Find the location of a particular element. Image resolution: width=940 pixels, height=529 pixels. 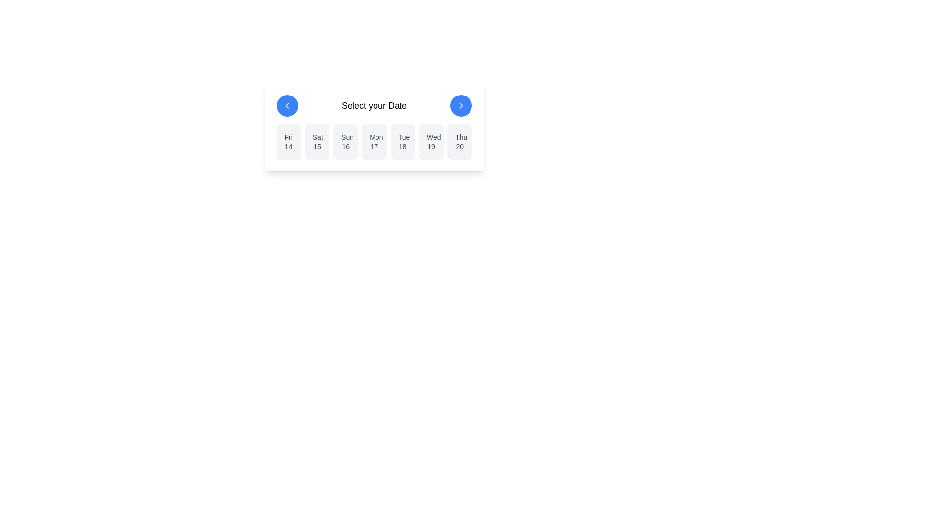

the header label that reads 'Select your Date', which is centrally located between two navigation buttons in the date selection interface is located at coordinates (374, 106).